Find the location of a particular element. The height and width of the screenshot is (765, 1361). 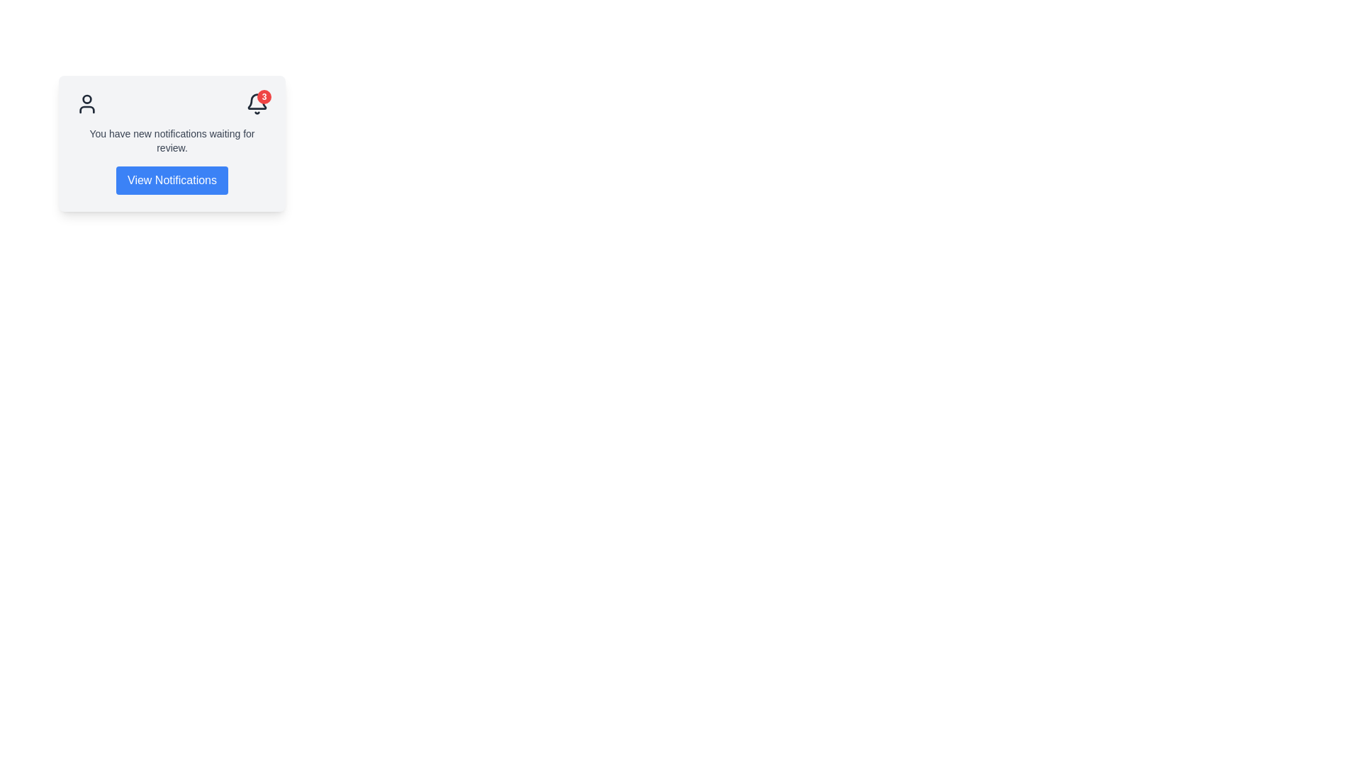

the 'View Notifications' button located in the notification area that displays the message 'You have new notifications waiting for review.' is located at coordinates (172, 160).